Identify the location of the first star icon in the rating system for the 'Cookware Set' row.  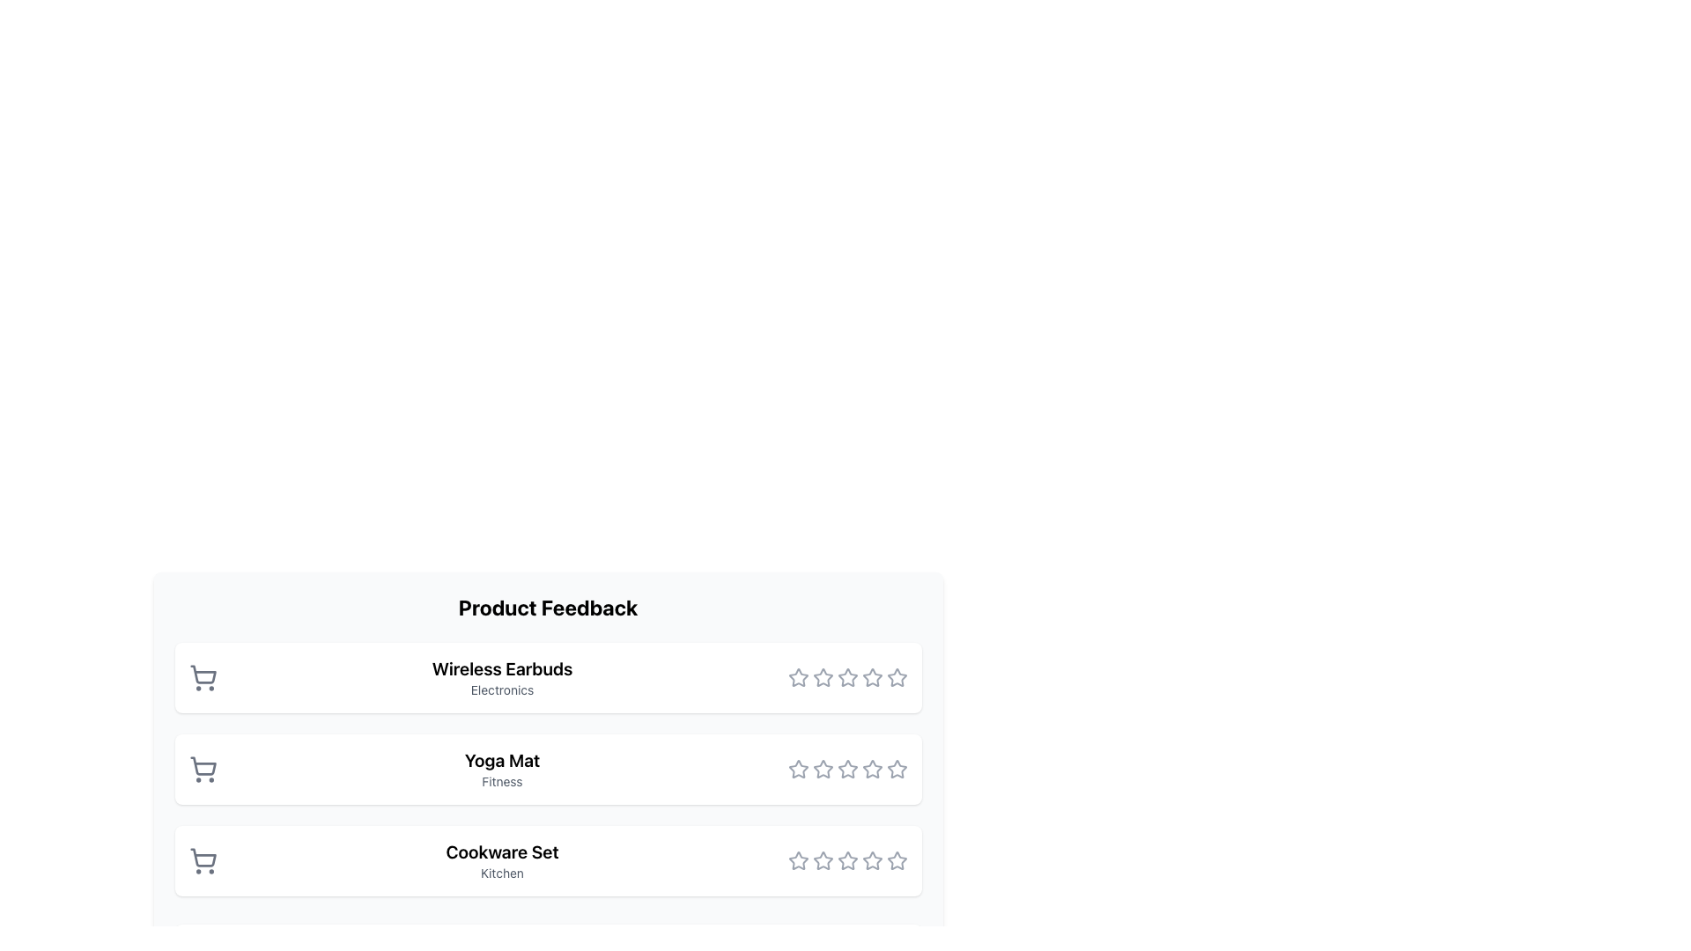
(797, 860).